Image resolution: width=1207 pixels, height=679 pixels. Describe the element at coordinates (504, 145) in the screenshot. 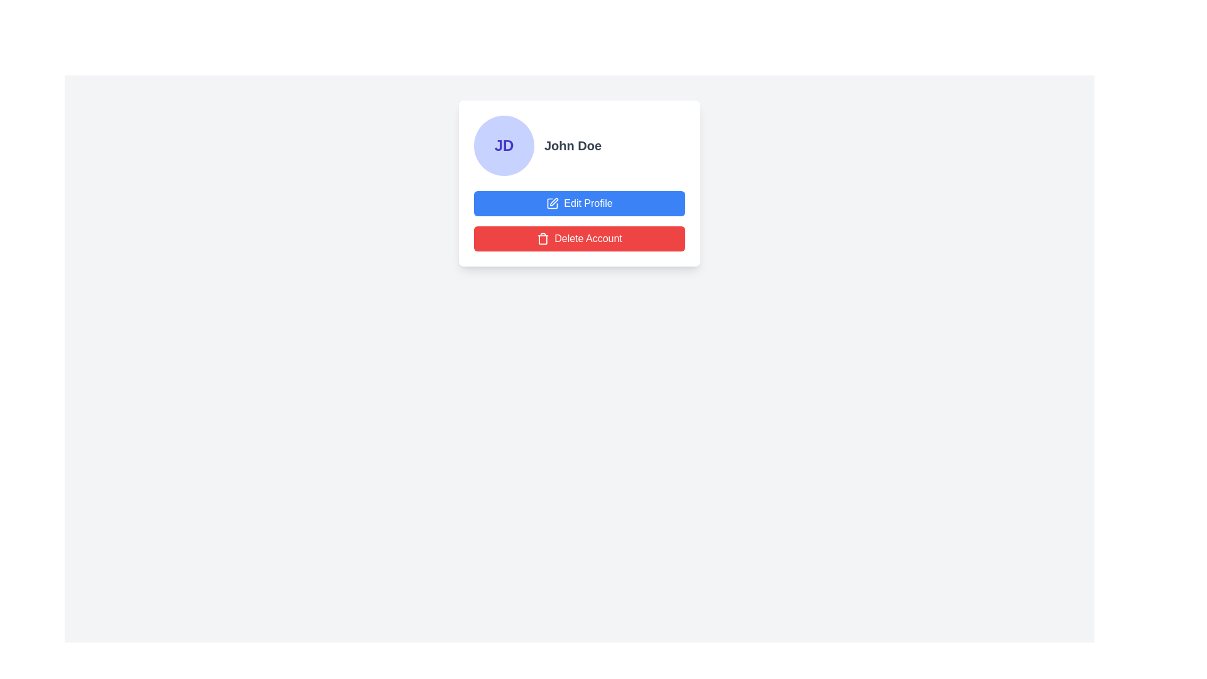

I see `the circular avatar display that shows the initials 'JD' in bold, dark indigo font, used as a user profile indication` at that location.